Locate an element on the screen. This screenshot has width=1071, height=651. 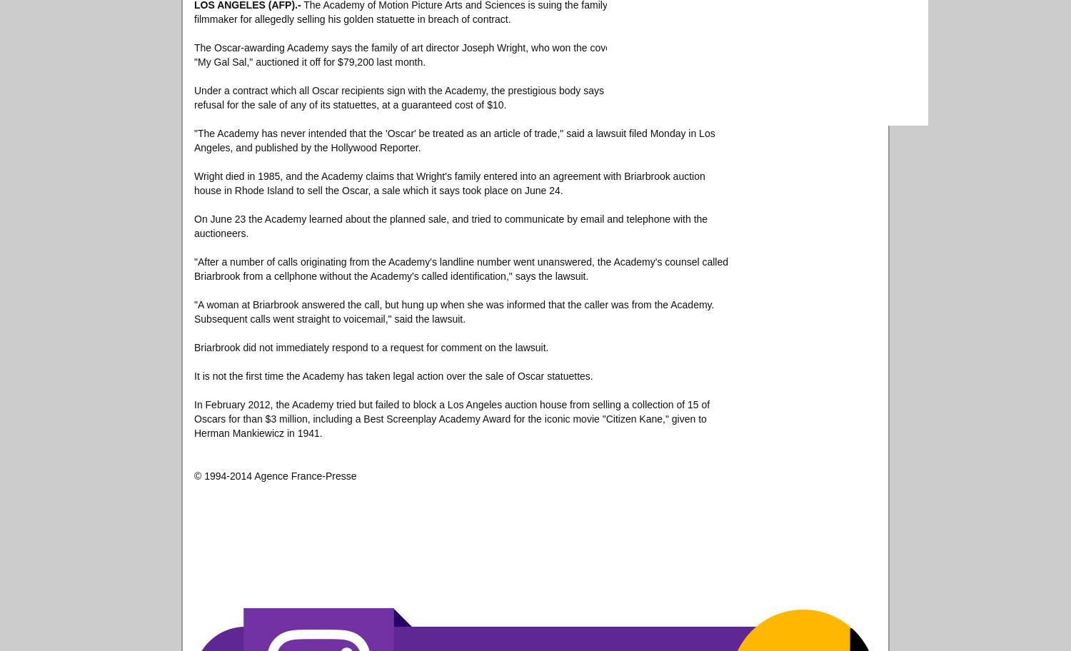
'Under a contract which all Oscar recipients sign with the Academy, the prestigious body says it has the right of first refusal for the sale of any of its statuettes, at a guaranteed cost of $10.' is located at coordinates (446, 96).